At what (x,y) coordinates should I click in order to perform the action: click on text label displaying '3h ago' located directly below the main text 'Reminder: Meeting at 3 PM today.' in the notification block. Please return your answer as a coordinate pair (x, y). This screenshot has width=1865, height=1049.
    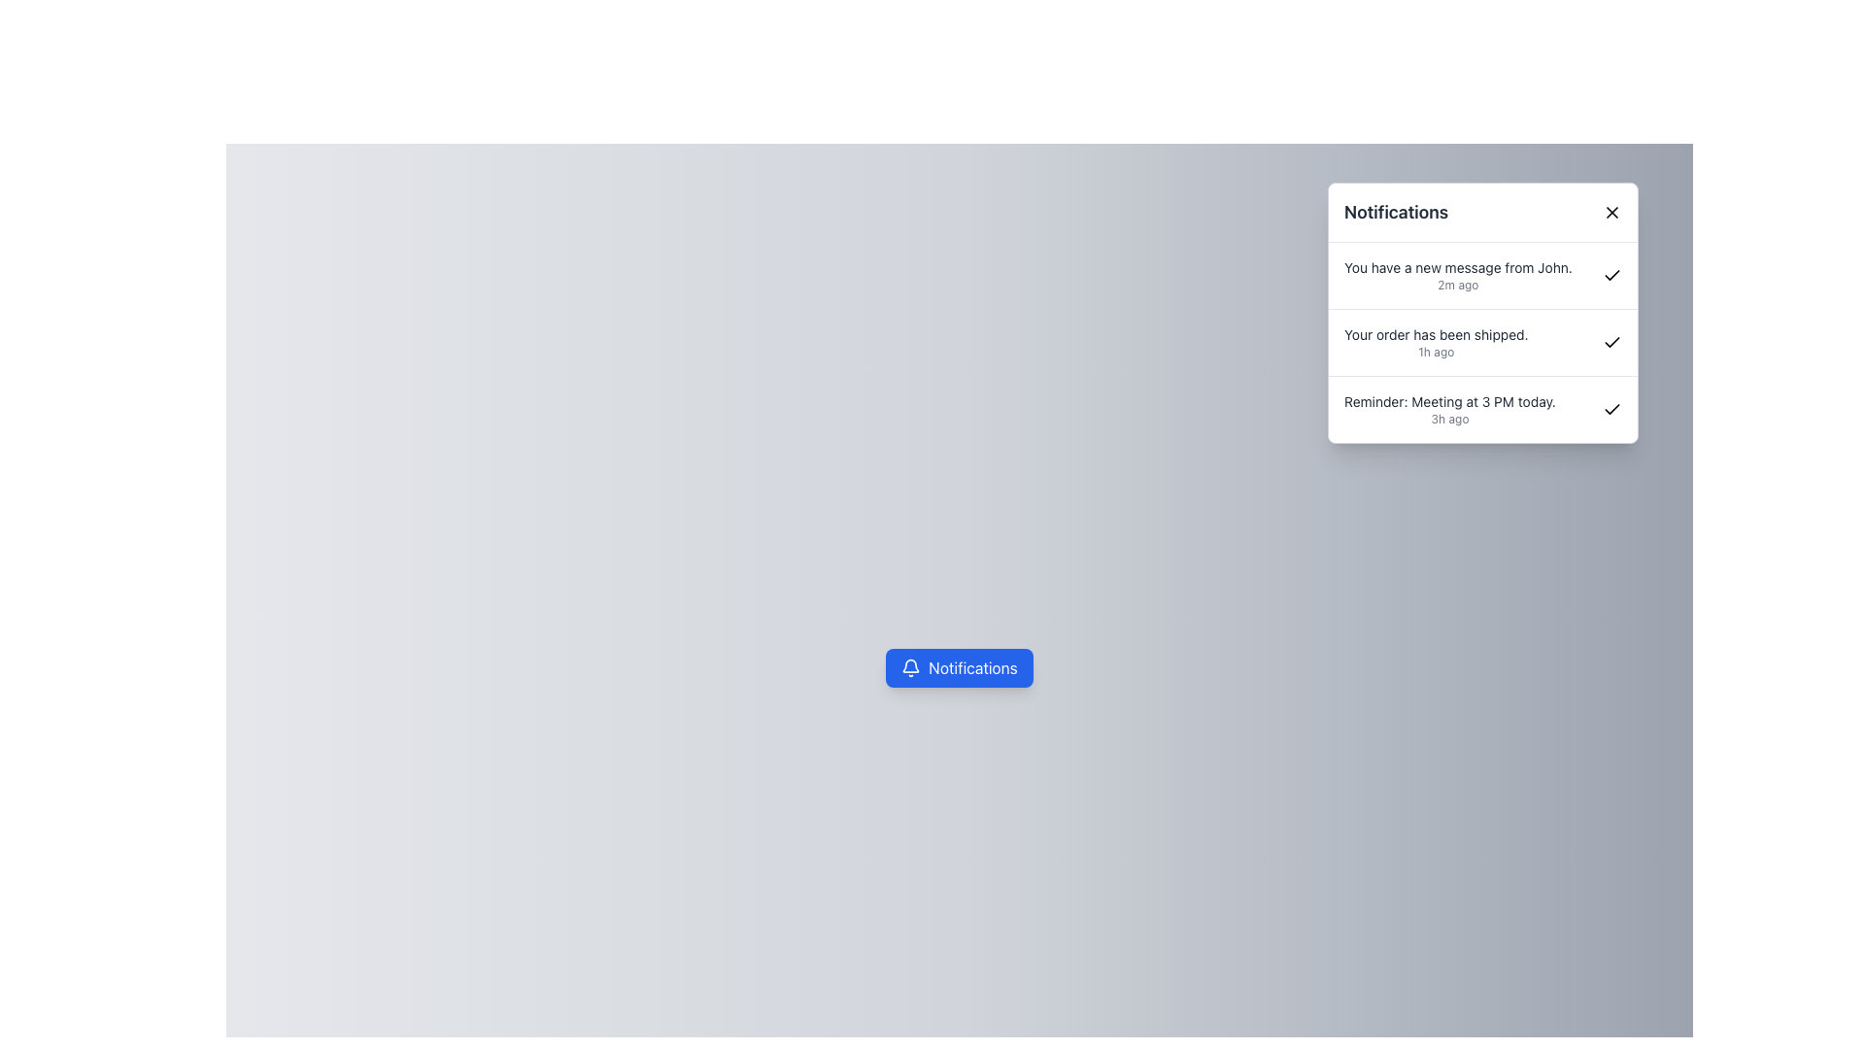
    Looking at the image, I should click on (1449, 419).